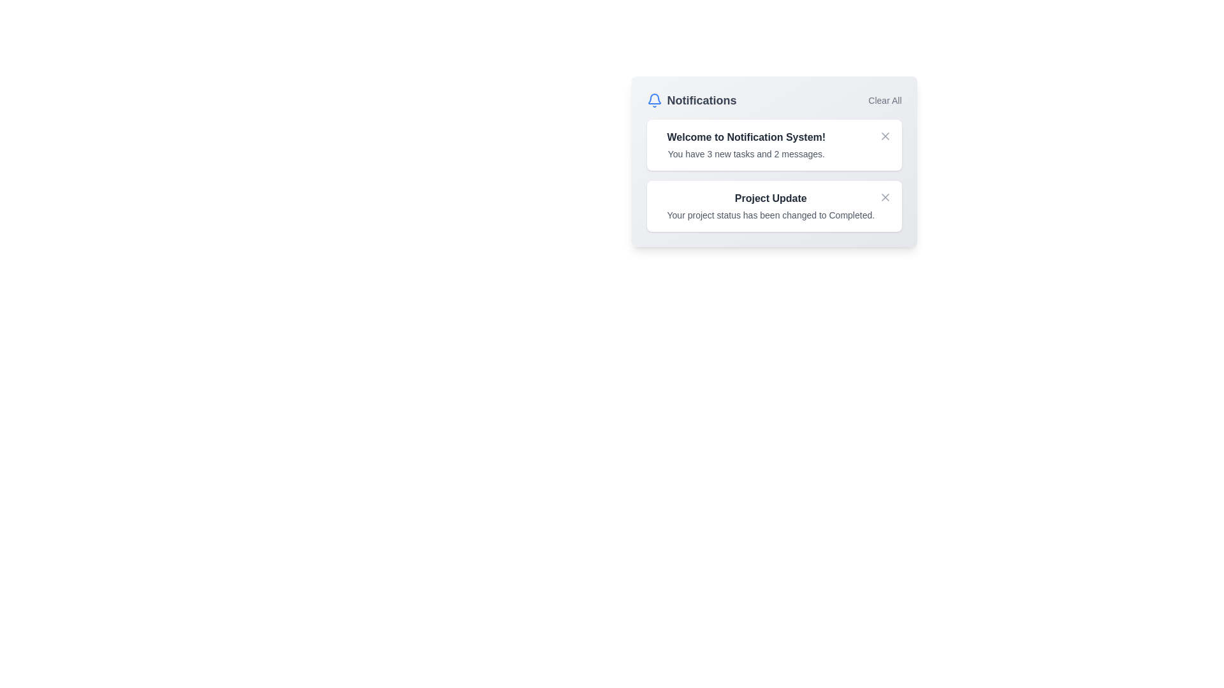 Image resolution: width=1224 pixels, height=688 pixels. What do you see at coordinates (884, 197) in the screenshot?
I see `the 'X' button in the top-right section of the 'Welcome to Notification System!' notification to trigger the tooltip or effect` at bounding box center [884, 197].